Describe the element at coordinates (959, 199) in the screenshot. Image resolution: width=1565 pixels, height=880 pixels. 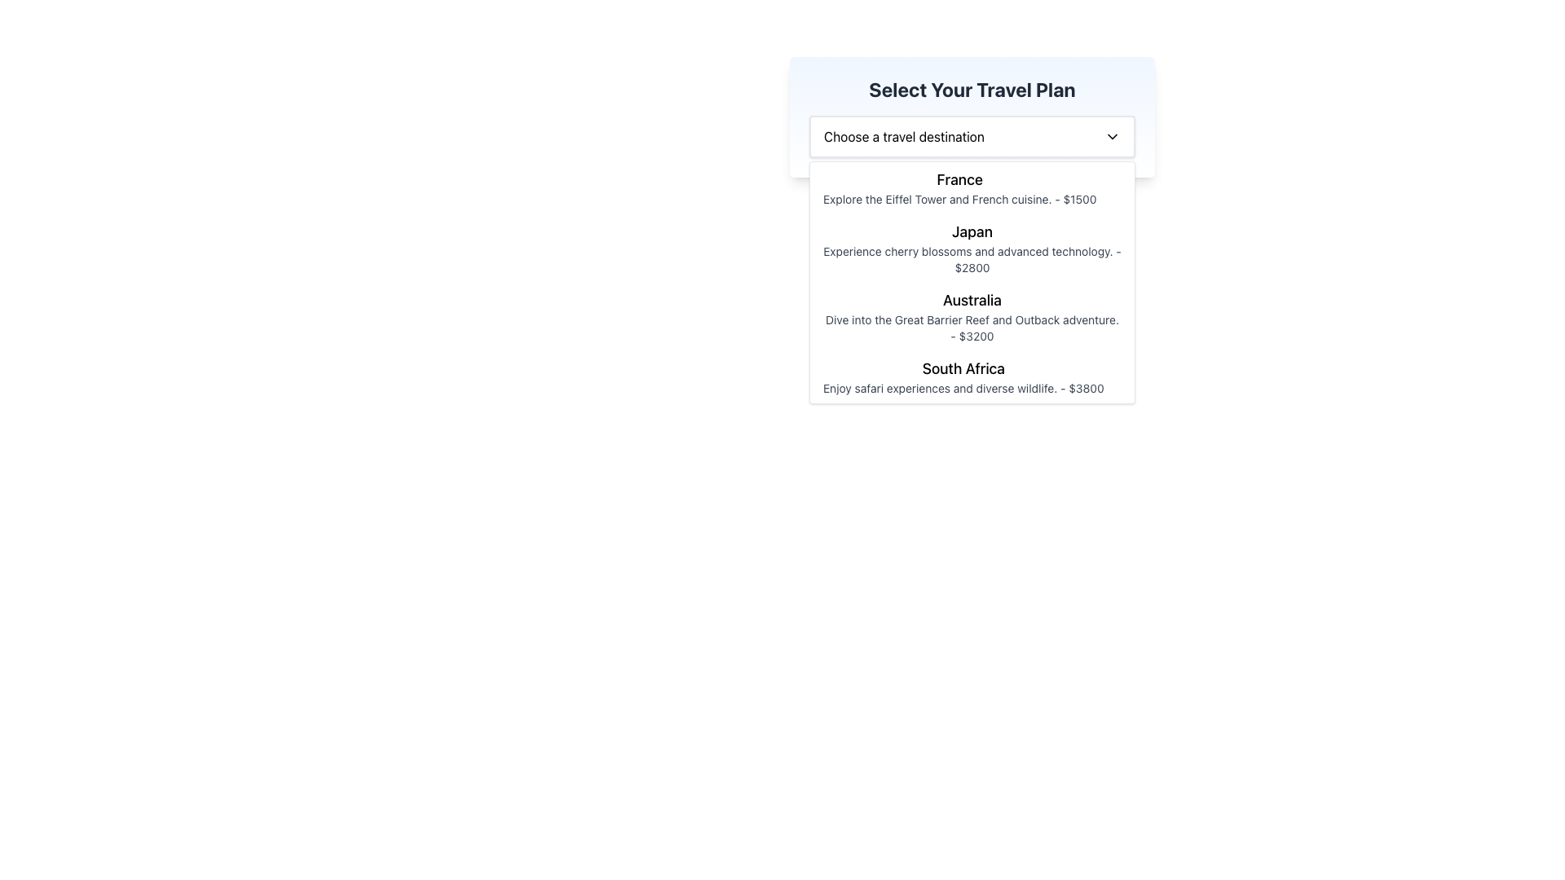
I see `the text label that reads 'Explore the Eiffel Tower and French cuisine. - $1500', located below the 'France' header in the travel plan dropdown` at that location.